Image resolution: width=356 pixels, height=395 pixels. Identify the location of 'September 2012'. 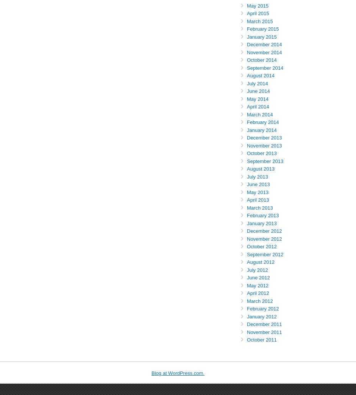
(265, 254).